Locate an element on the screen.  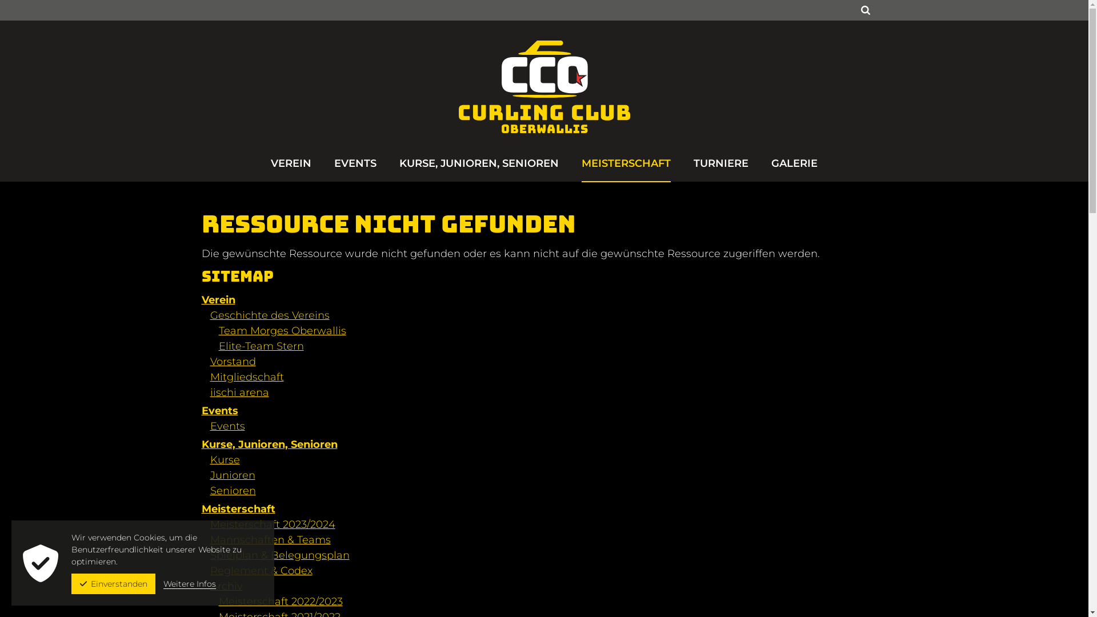
'Reglement & Codex' is located at coordinates (261, 571).